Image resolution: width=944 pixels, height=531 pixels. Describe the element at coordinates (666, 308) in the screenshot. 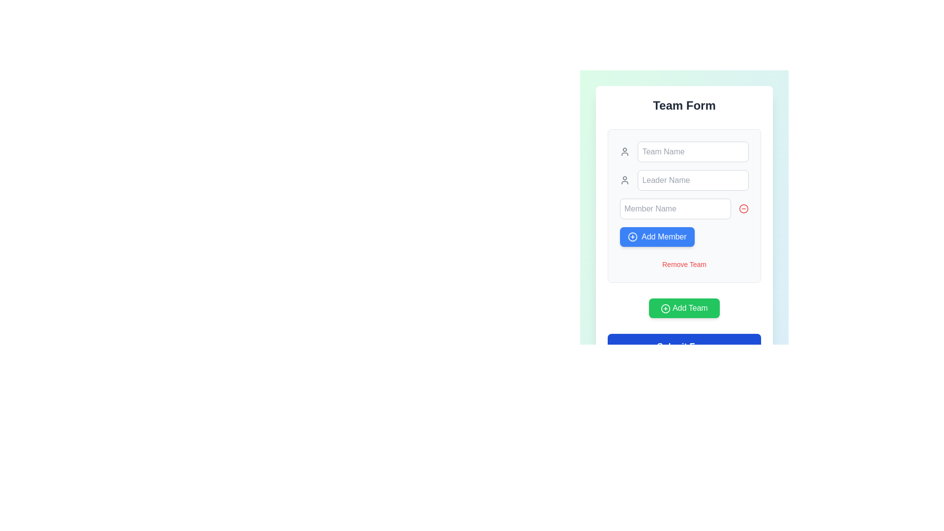

I see `the circular decorative icon centered on the 'Add Team' green button` at that location.